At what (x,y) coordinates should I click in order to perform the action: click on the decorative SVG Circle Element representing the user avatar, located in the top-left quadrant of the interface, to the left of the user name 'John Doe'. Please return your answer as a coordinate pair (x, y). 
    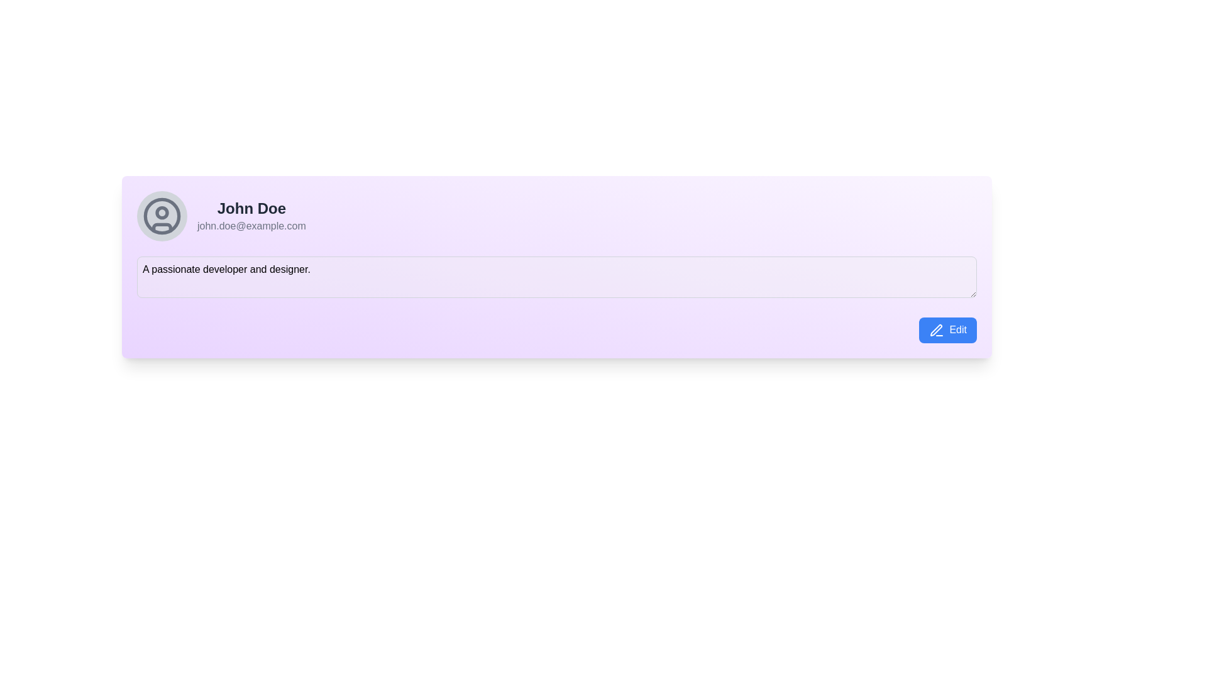
    Looking at the image, I should click on (162, 215).